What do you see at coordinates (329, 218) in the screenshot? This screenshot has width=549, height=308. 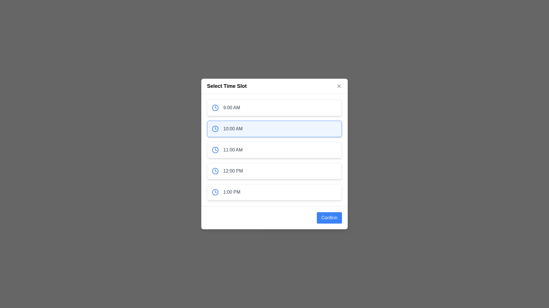 I see `the 'Confirm' button to confirm the selected time slot` at bounding box center [329, 218].